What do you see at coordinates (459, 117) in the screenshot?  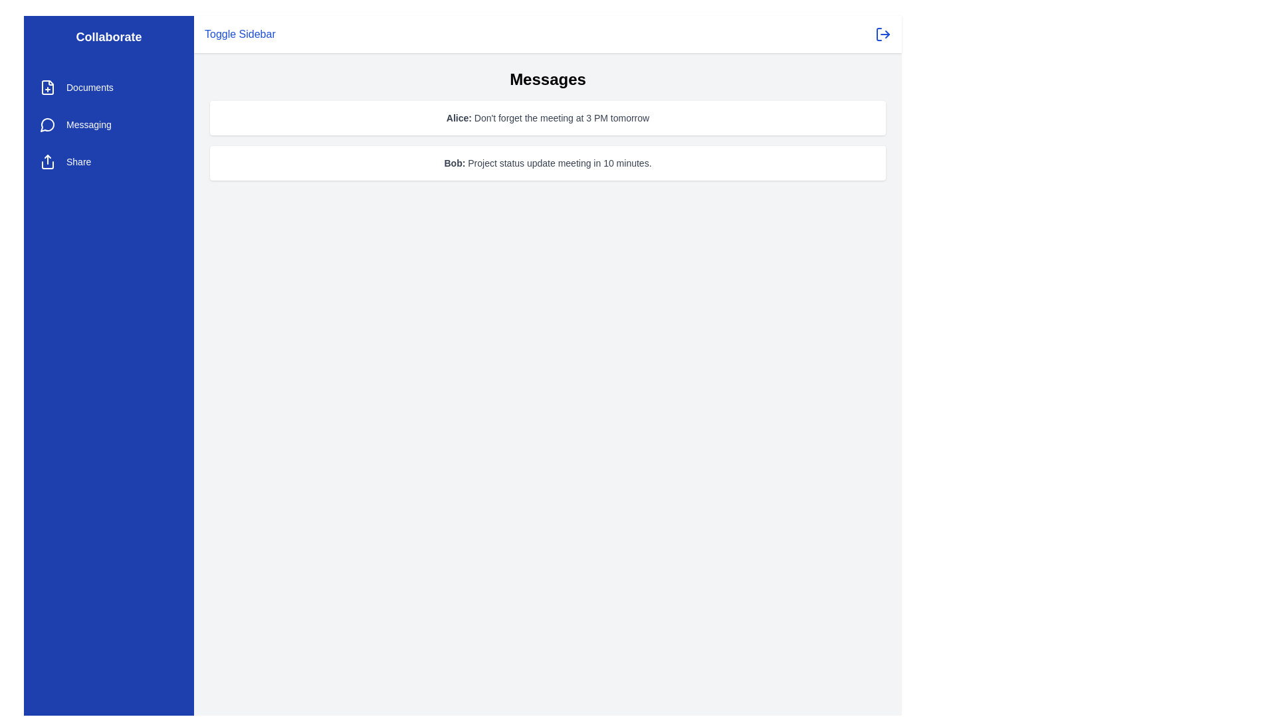 I see `the text element displaying 'Alice:' which is located in the first message box under the 'Messages' heading` at bounding box center [459, 117].